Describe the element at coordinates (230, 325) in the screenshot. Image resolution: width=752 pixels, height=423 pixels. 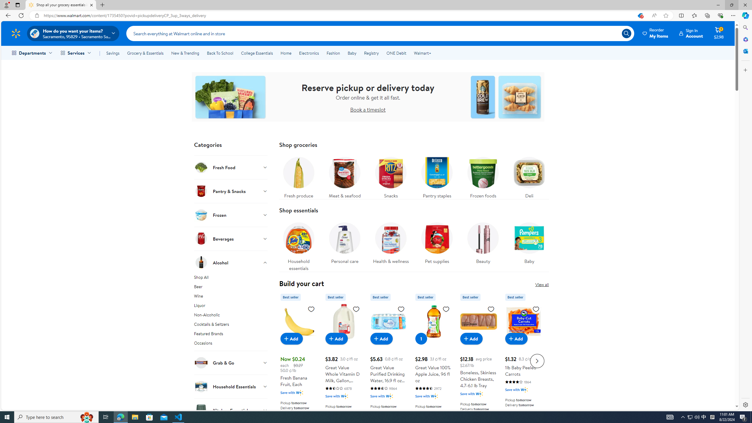
I see `'Cocktails & Seltzers'` at that location.